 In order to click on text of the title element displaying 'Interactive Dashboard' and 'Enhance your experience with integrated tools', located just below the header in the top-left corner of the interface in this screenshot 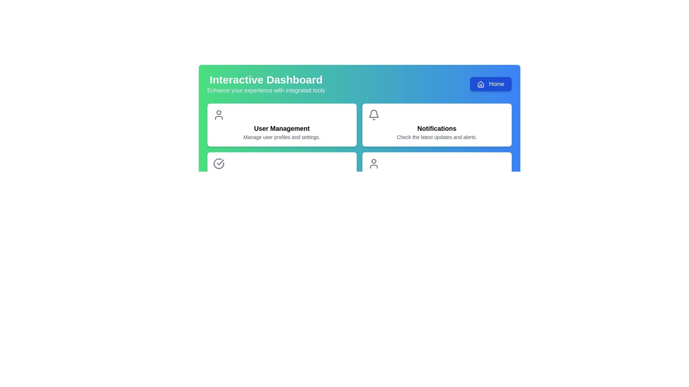, I will do `click(266, 84)`.